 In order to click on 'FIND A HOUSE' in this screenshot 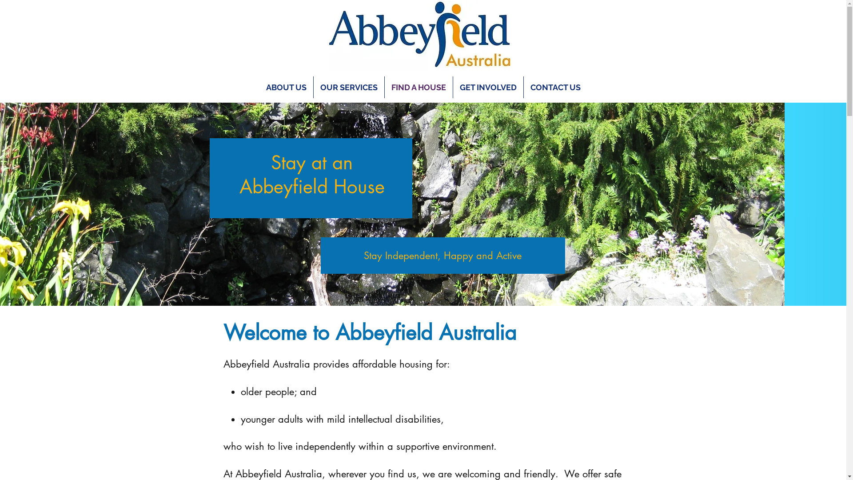, I will do `click(418, 87)`.